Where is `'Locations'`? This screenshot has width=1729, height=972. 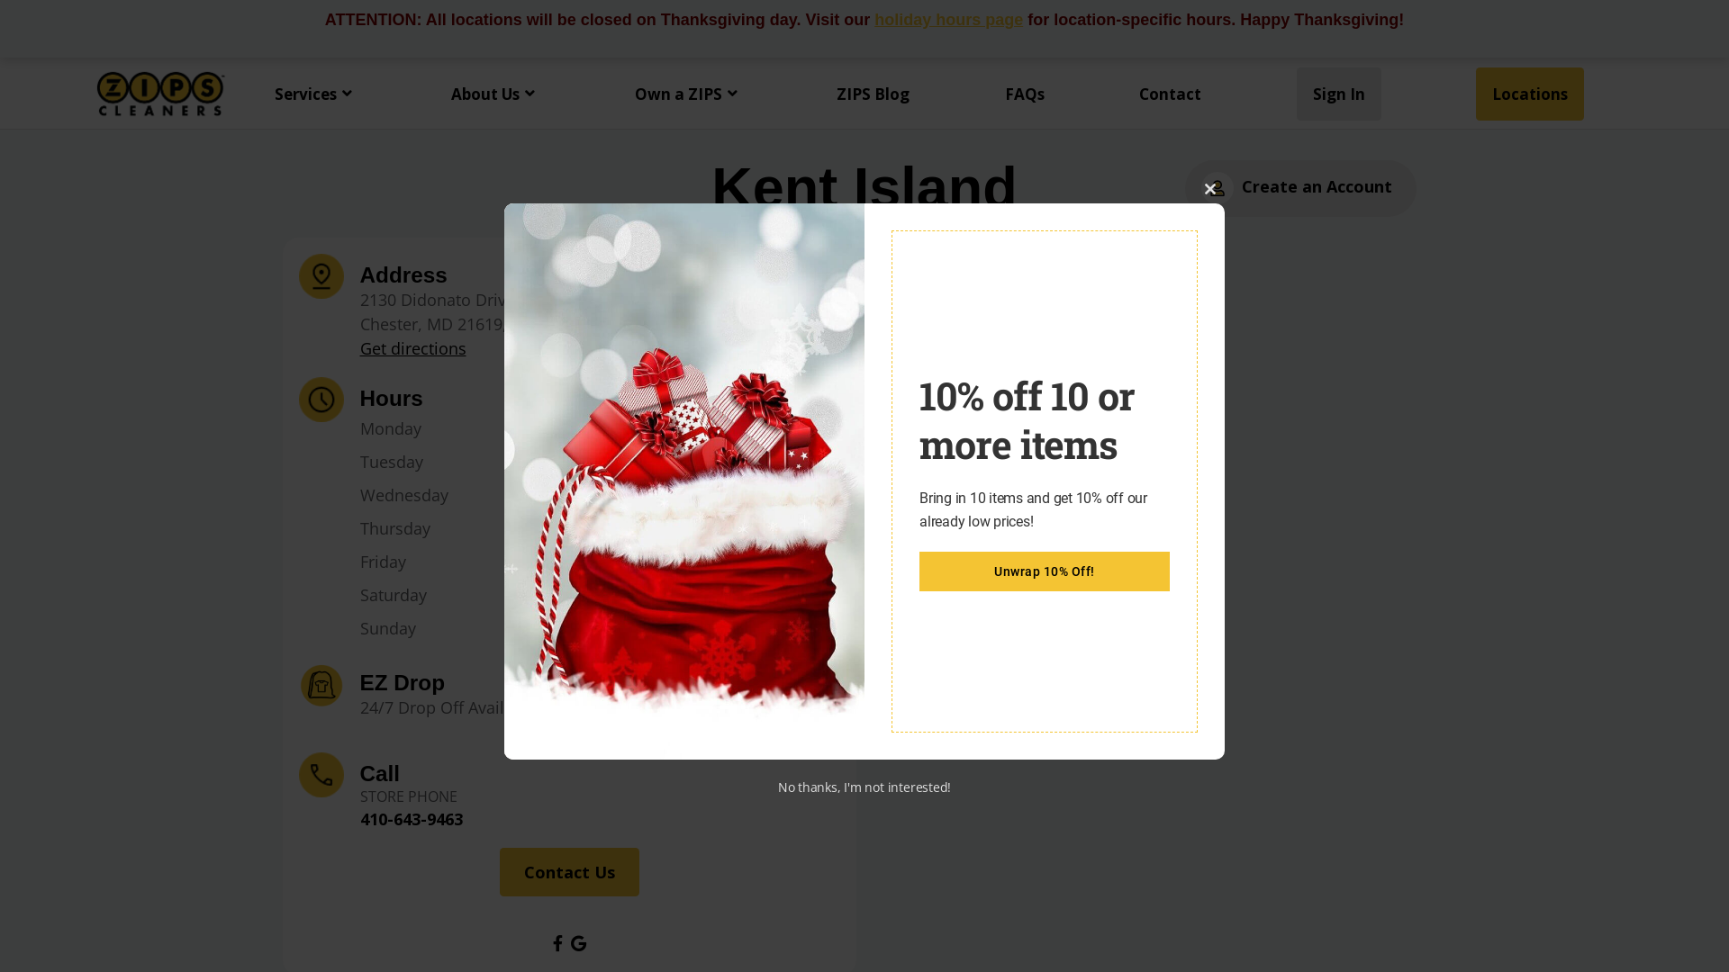 'Locations' is located at coordinates (1529, 94).